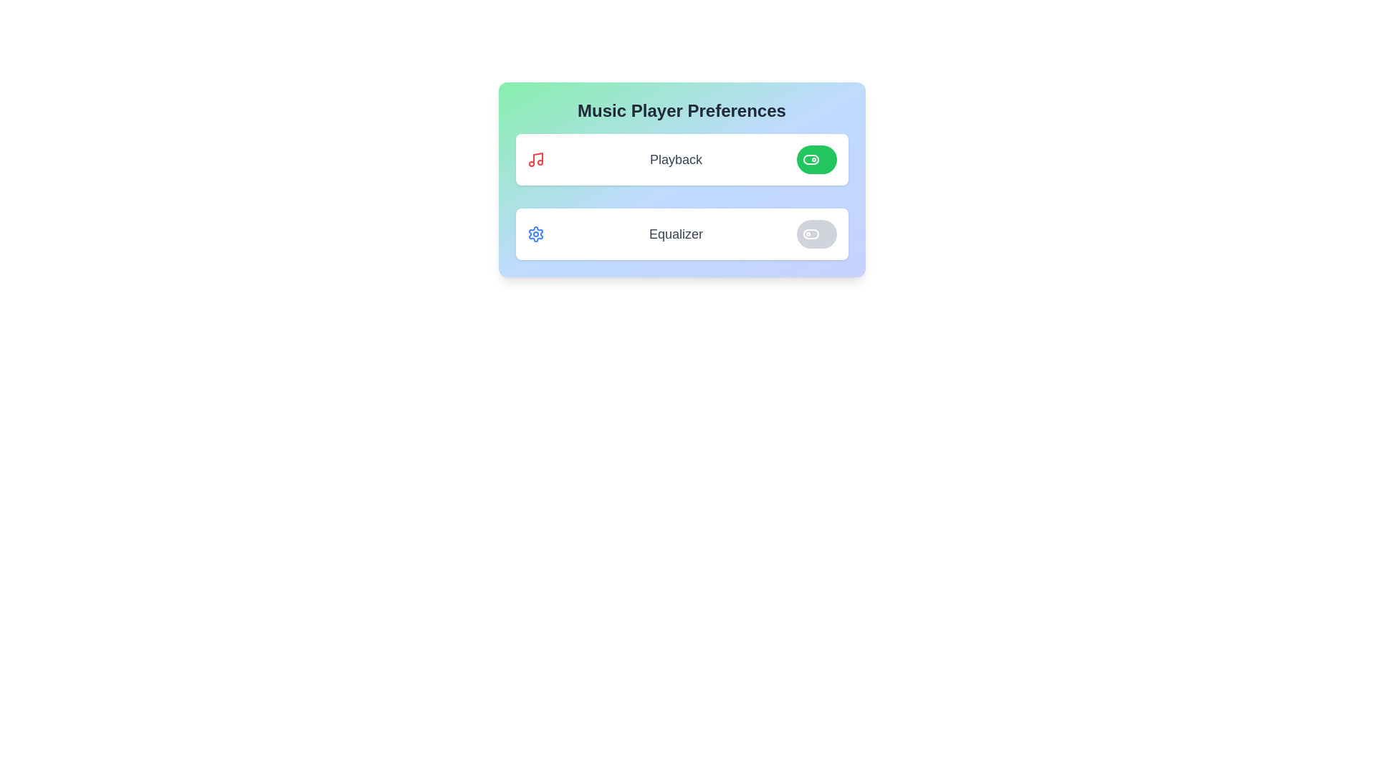 The width and height of the screenshot is (1376, 774). What do you see at coordinates (681, 110) in the screenshot?
I see `the 'Music Player Preferences' text element` at bounding box center [681, 110].